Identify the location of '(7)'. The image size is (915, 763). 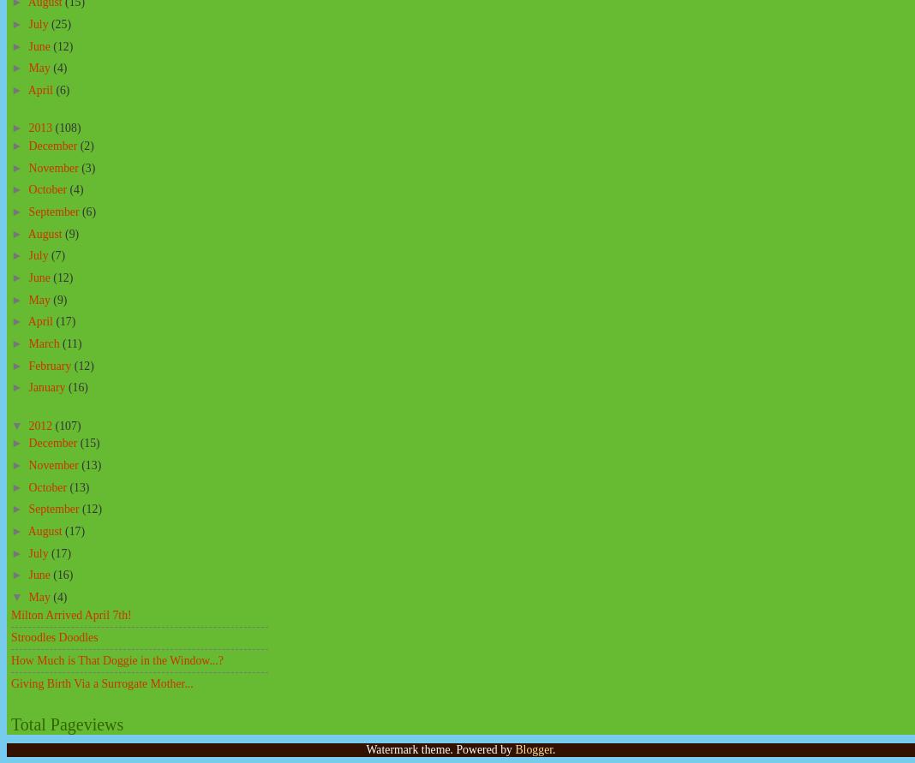
(57, 254).